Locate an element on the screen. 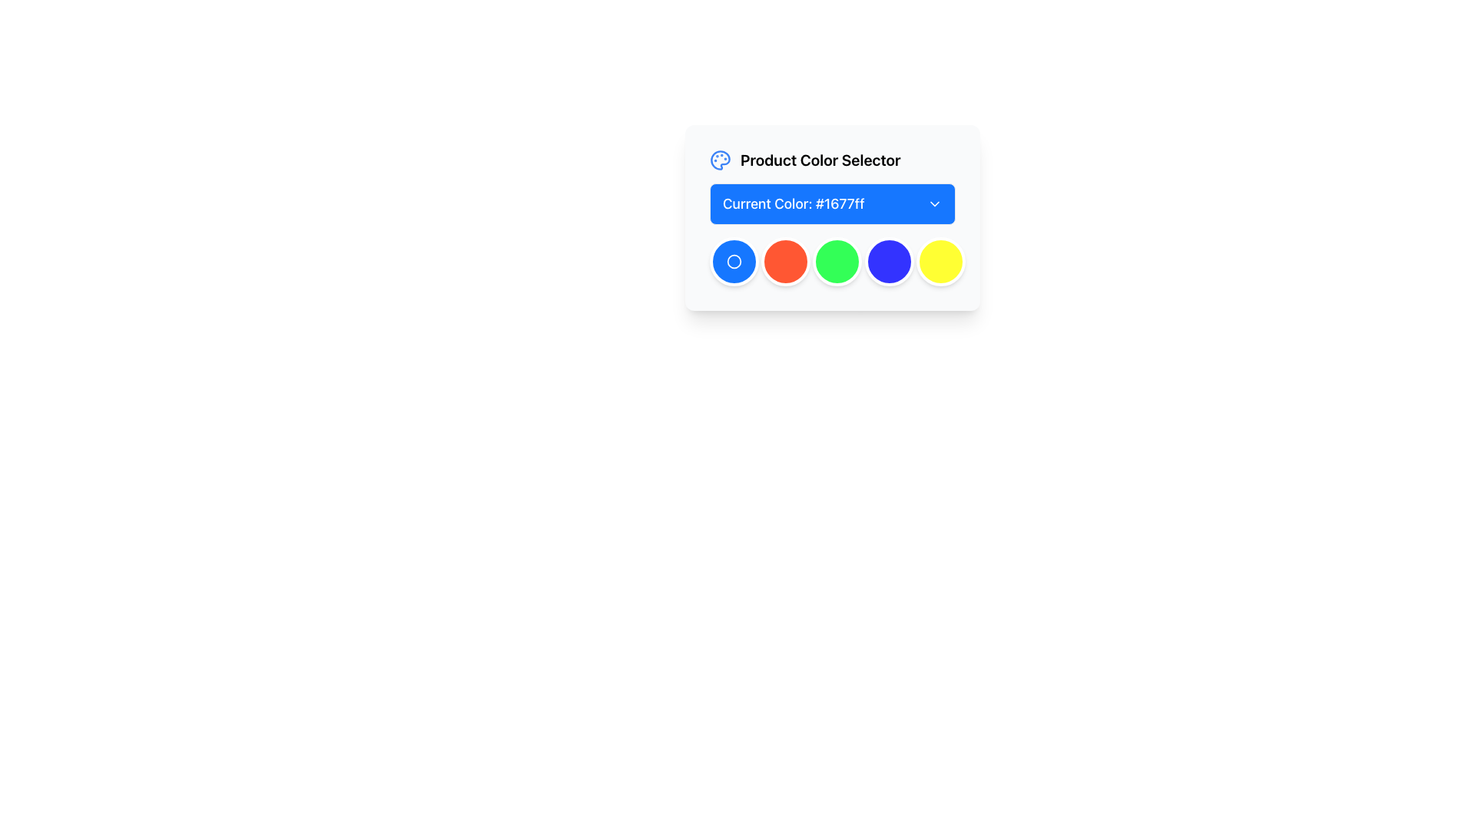 The height and width of the screenshot is (829, 1475). the fourth circular button in a horizontal row of five buttons is located at coordinates (837, 260).